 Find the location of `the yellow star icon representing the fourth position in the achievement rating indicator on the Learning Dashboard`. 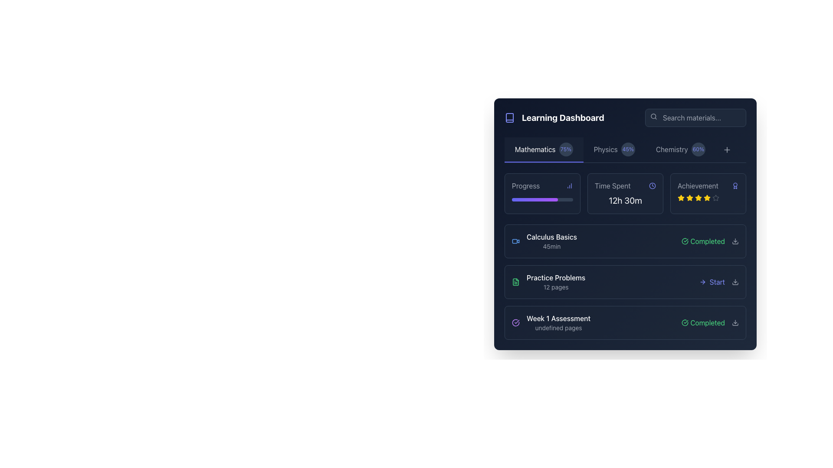

the yellow star icon representing the fourth position in the achievement rating indicator on the Learning Dashboard is located at coordinates (680, 198).